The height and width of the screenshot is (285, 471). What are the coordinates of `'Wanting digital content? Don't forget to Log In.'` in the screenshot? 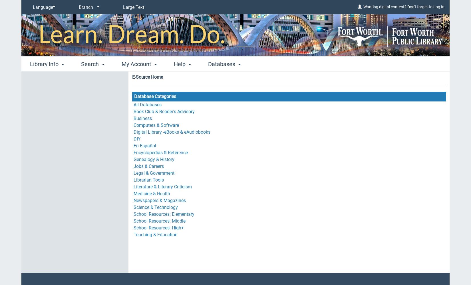 It's located at (404, 7).